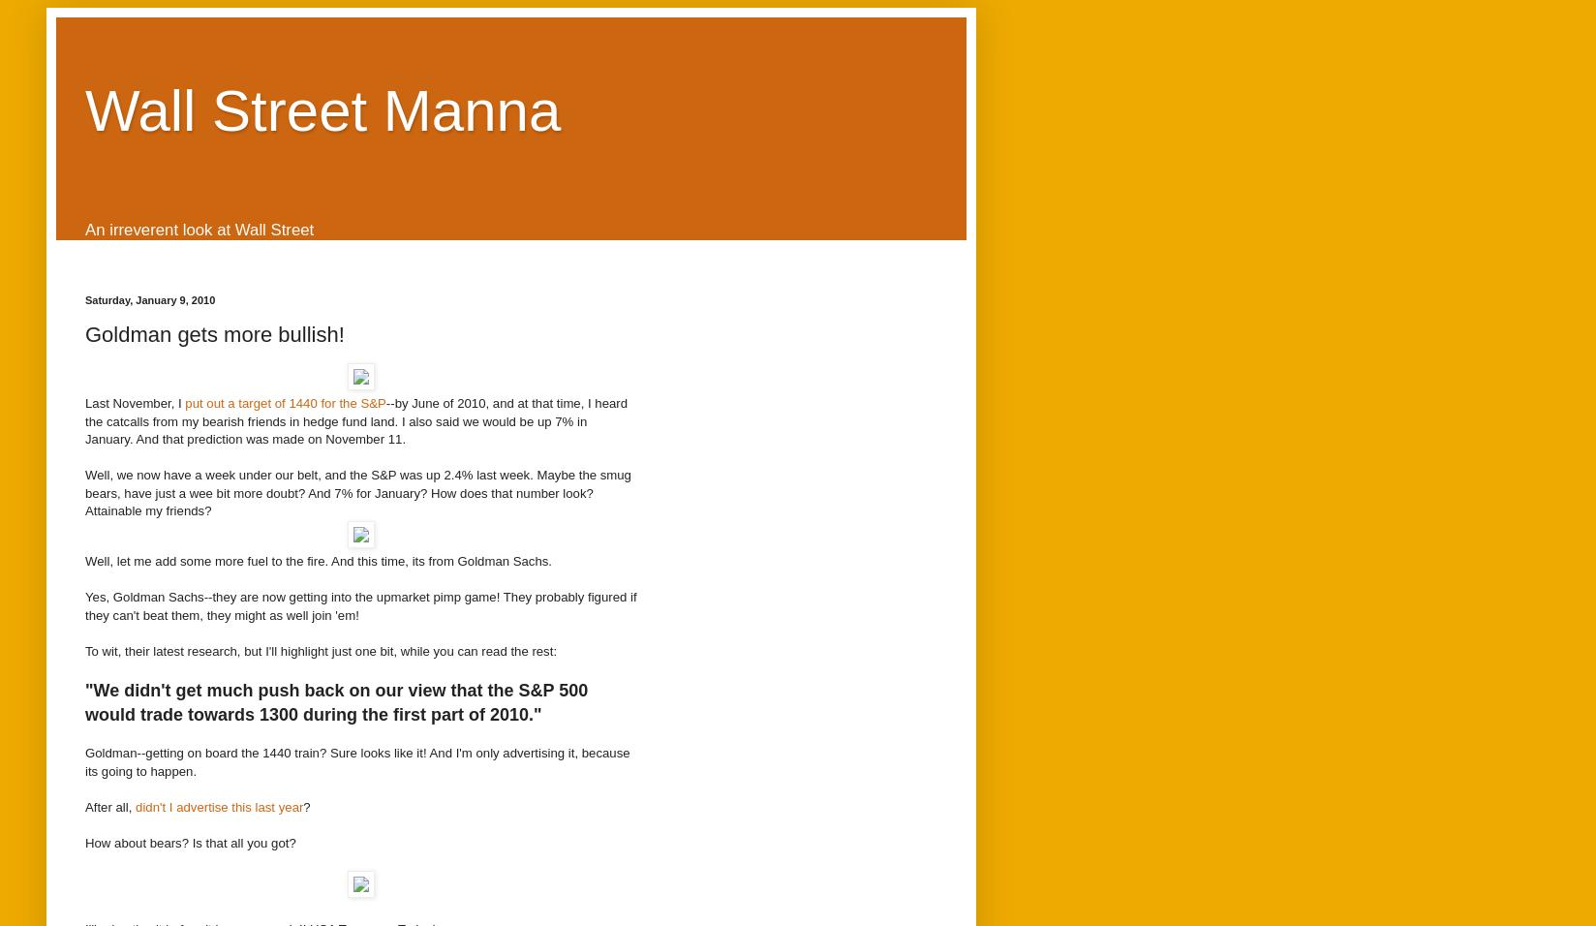  Describe the element at coordinates (317, 560) in the screenshot. I see `'Well, let me add some more fuel to the fire. And this time, its from Goldman Sachs.'` at that location.